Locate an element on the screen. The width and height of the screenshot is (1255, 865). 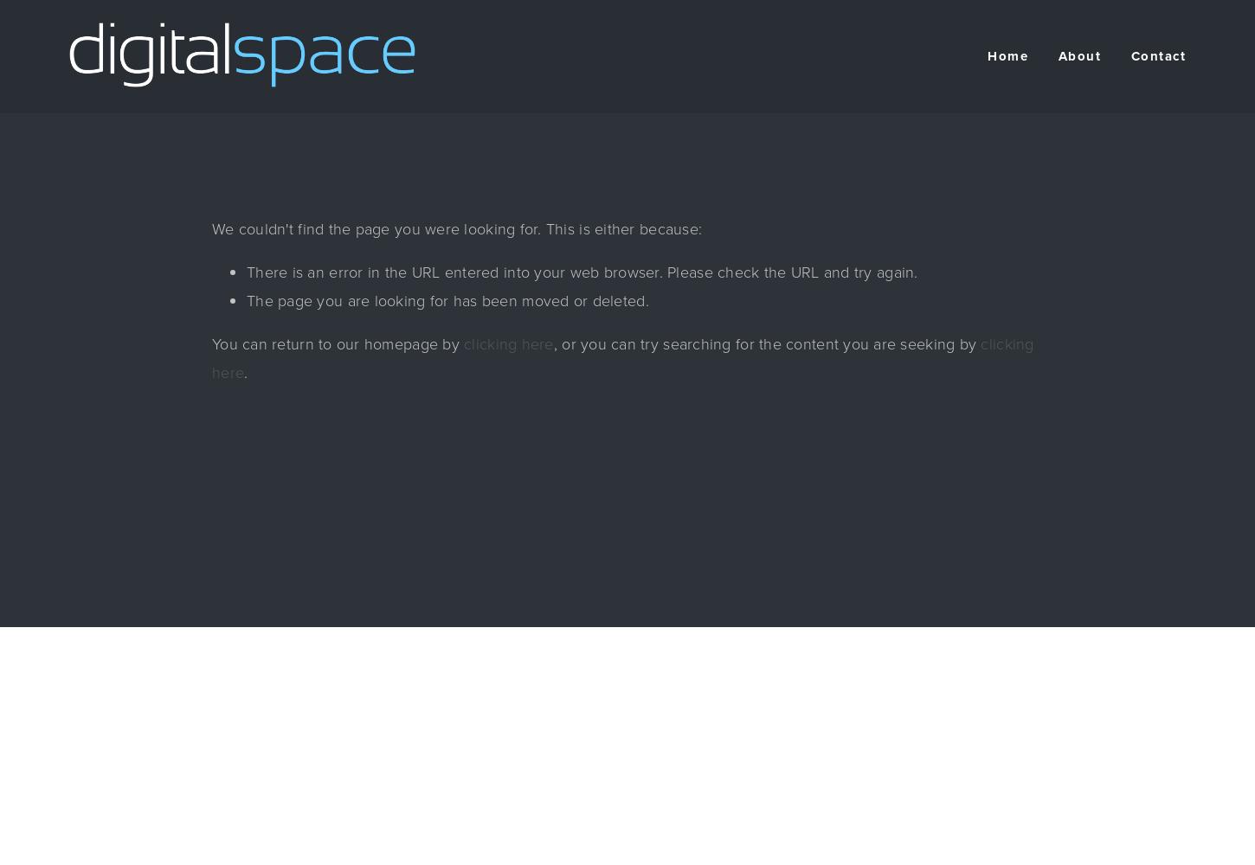
', or you can try searching for the
  content you are seeking by' is located at coordinates (765, 344).